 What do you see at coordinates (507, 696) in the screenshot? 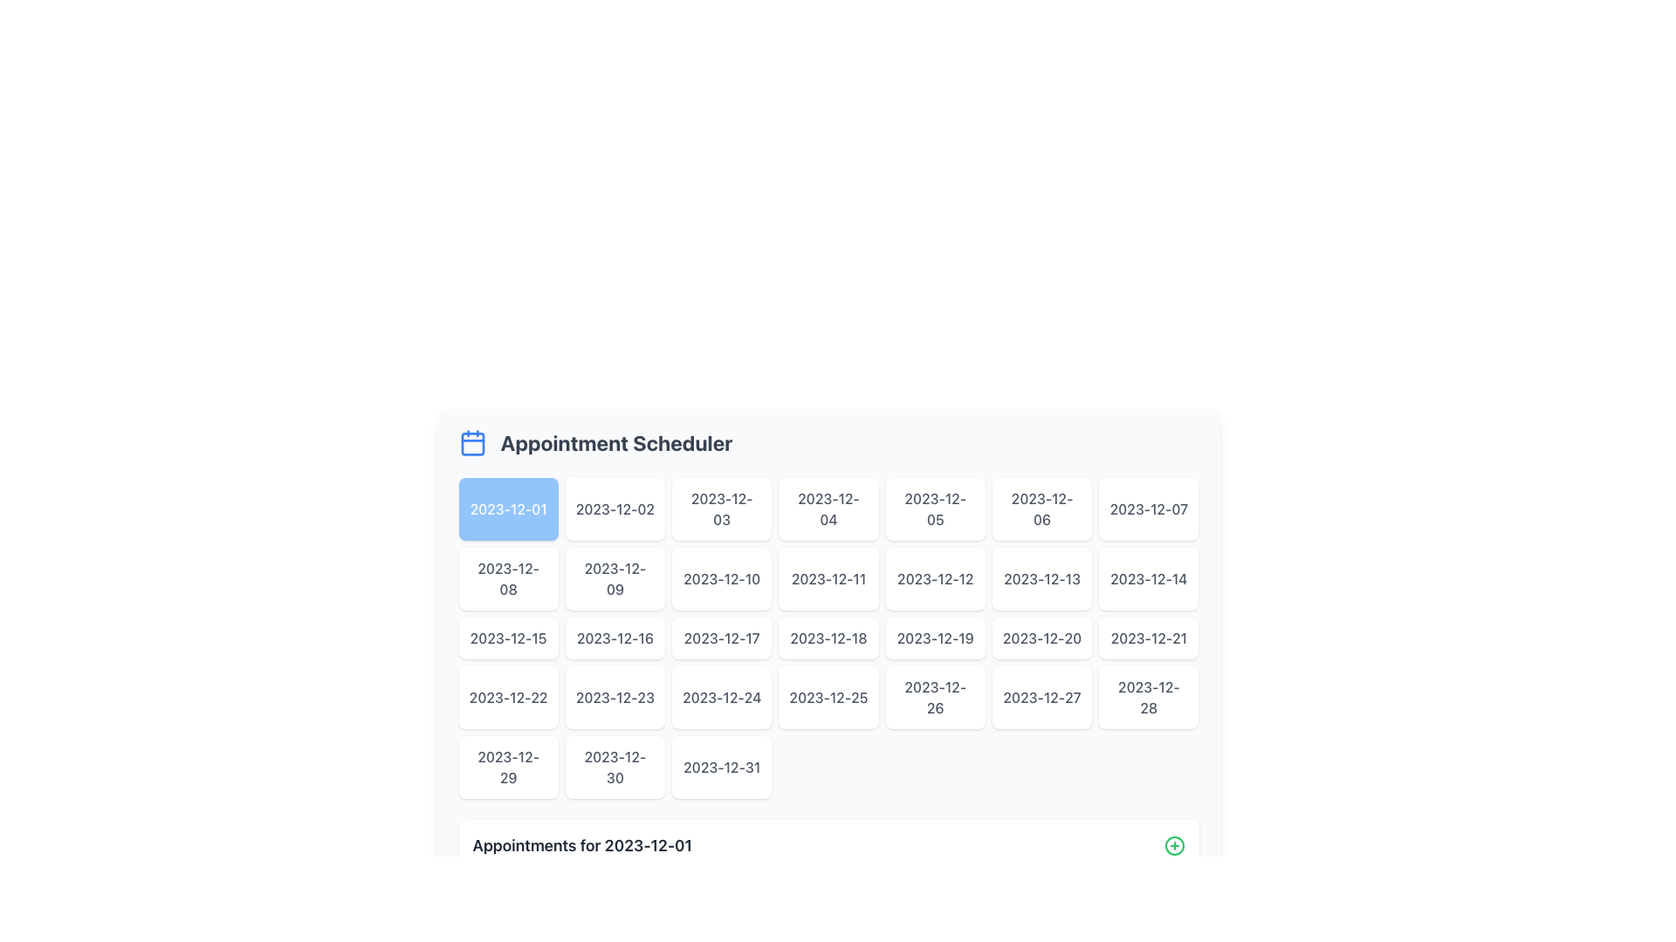
I see `the button representing the date '2023-12-22' in the first column of the fourth row in the calendar grid below the 'Appointment Scheduler' header` at bounding box center [507, 696].